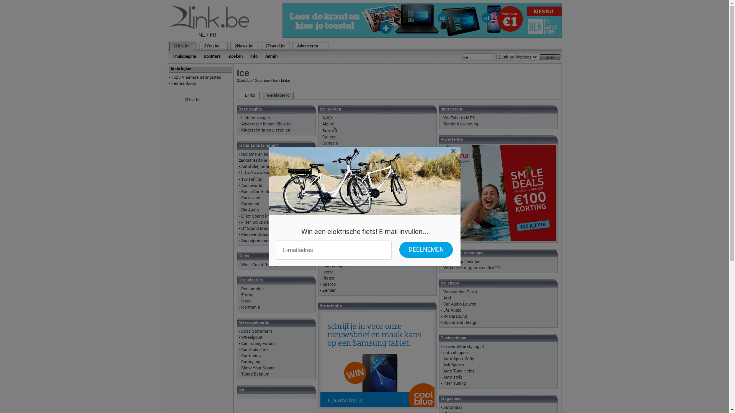 The height and width of the screenshot is (413, 735). What do you see at coordinates (549, 57) in the screenshot?
I see `'Zoek'` at bounding box center [549, 57].